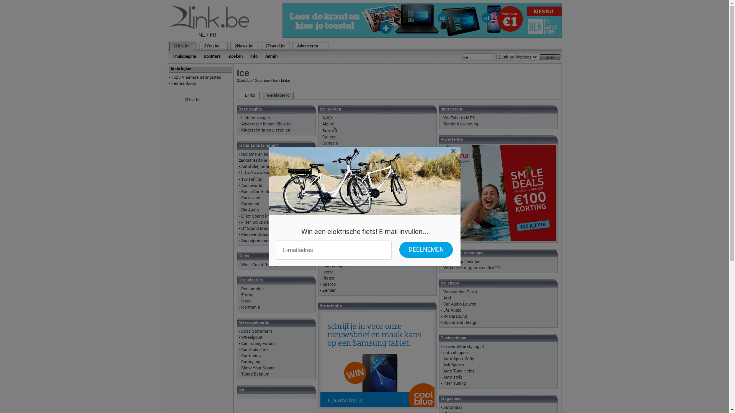 The height and width of the screenshot is (413, 735). What do you see at coordinates (549, 57) in the screenshot?
I see `'Zoek'` at bounding box center [549, 57].